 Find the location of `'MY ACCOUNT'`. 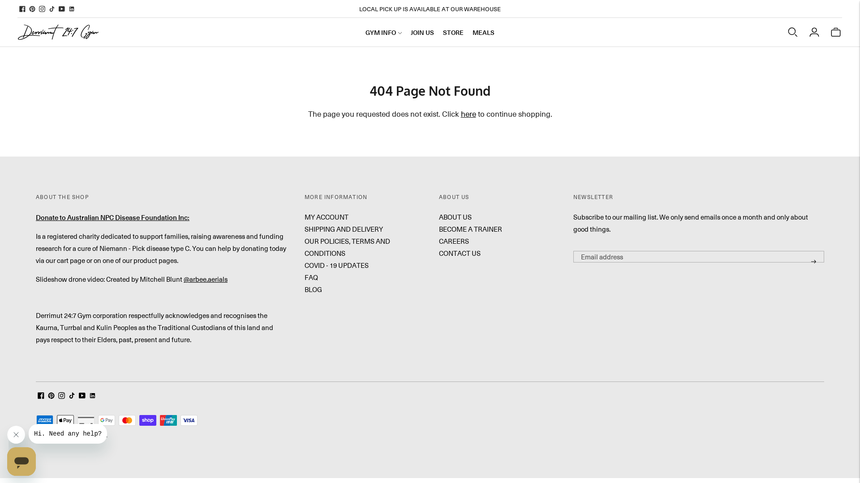

'MY ACCOUNT' is located at coordinates (326, 217).